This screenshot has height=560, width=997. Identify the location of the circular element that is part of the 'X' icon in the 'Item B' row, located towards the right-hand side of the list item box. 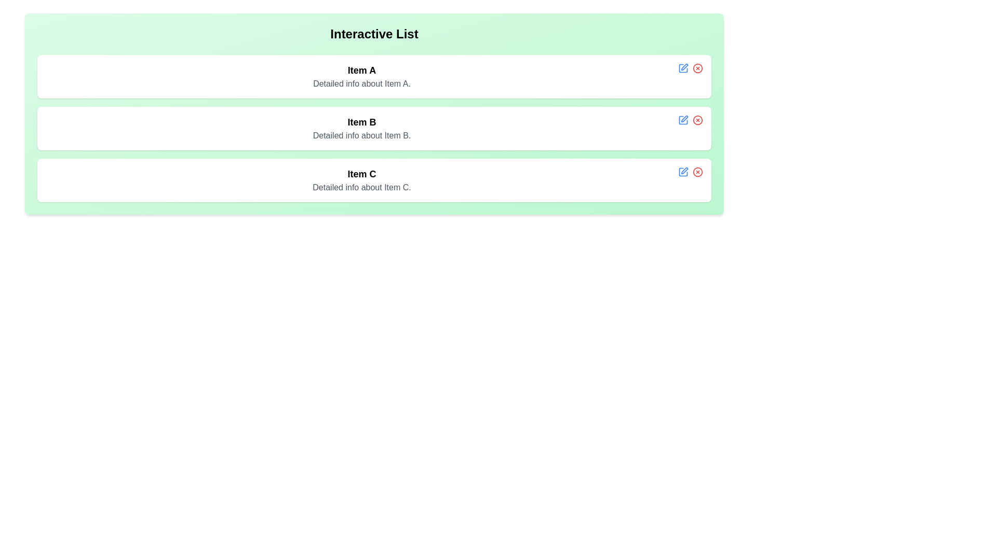
(698, 119).